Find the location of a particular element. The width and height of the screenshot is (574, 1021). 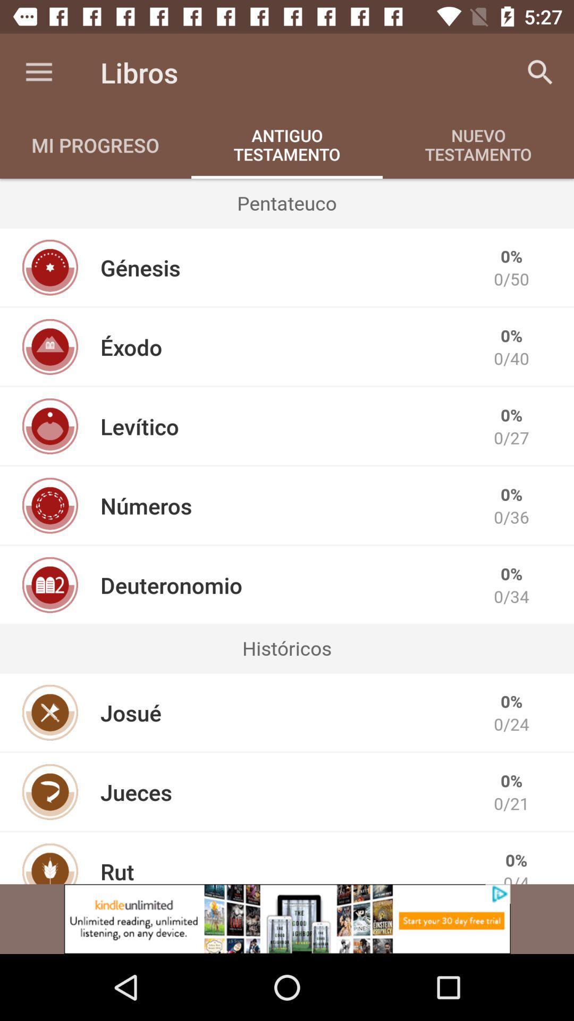

the rut icon is located at coordinates (117, 870).